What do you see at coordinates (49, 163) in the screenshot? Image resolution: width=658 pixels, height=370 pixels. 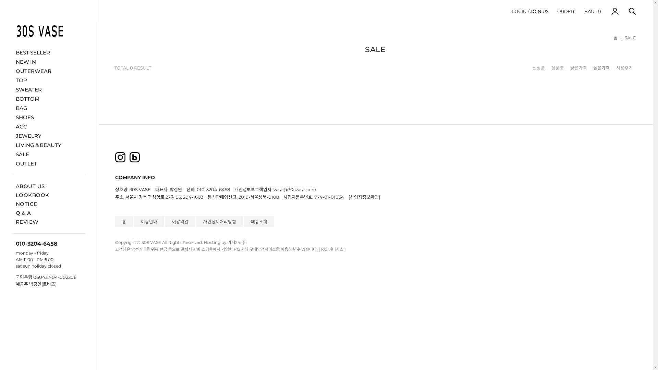 I see `'OUTLET'` at bounding box center [49, 163].